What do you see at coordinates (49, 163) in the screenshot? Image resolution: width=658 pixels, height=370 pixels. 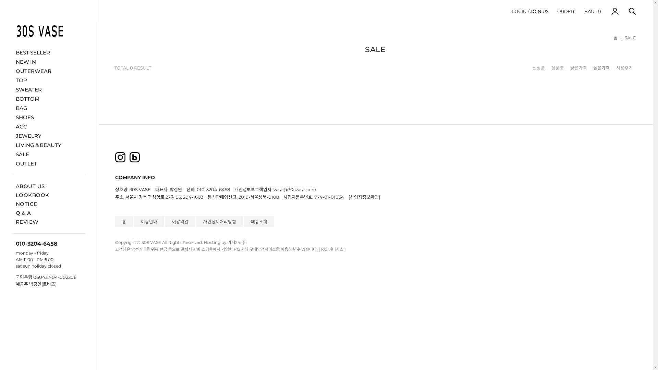 I see `'OUTLET'` at bounding box center [49, 163].